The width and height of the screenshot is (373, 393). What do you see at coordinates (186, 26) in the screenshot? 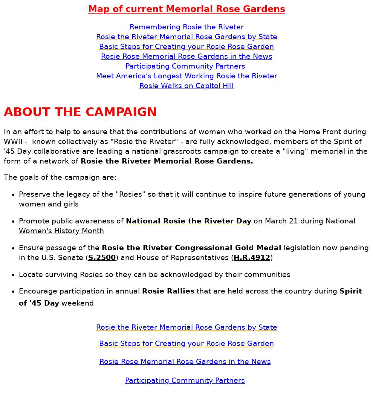
I see `'Remembering Rosie the Riveter'` at bounding box center [186, 26].